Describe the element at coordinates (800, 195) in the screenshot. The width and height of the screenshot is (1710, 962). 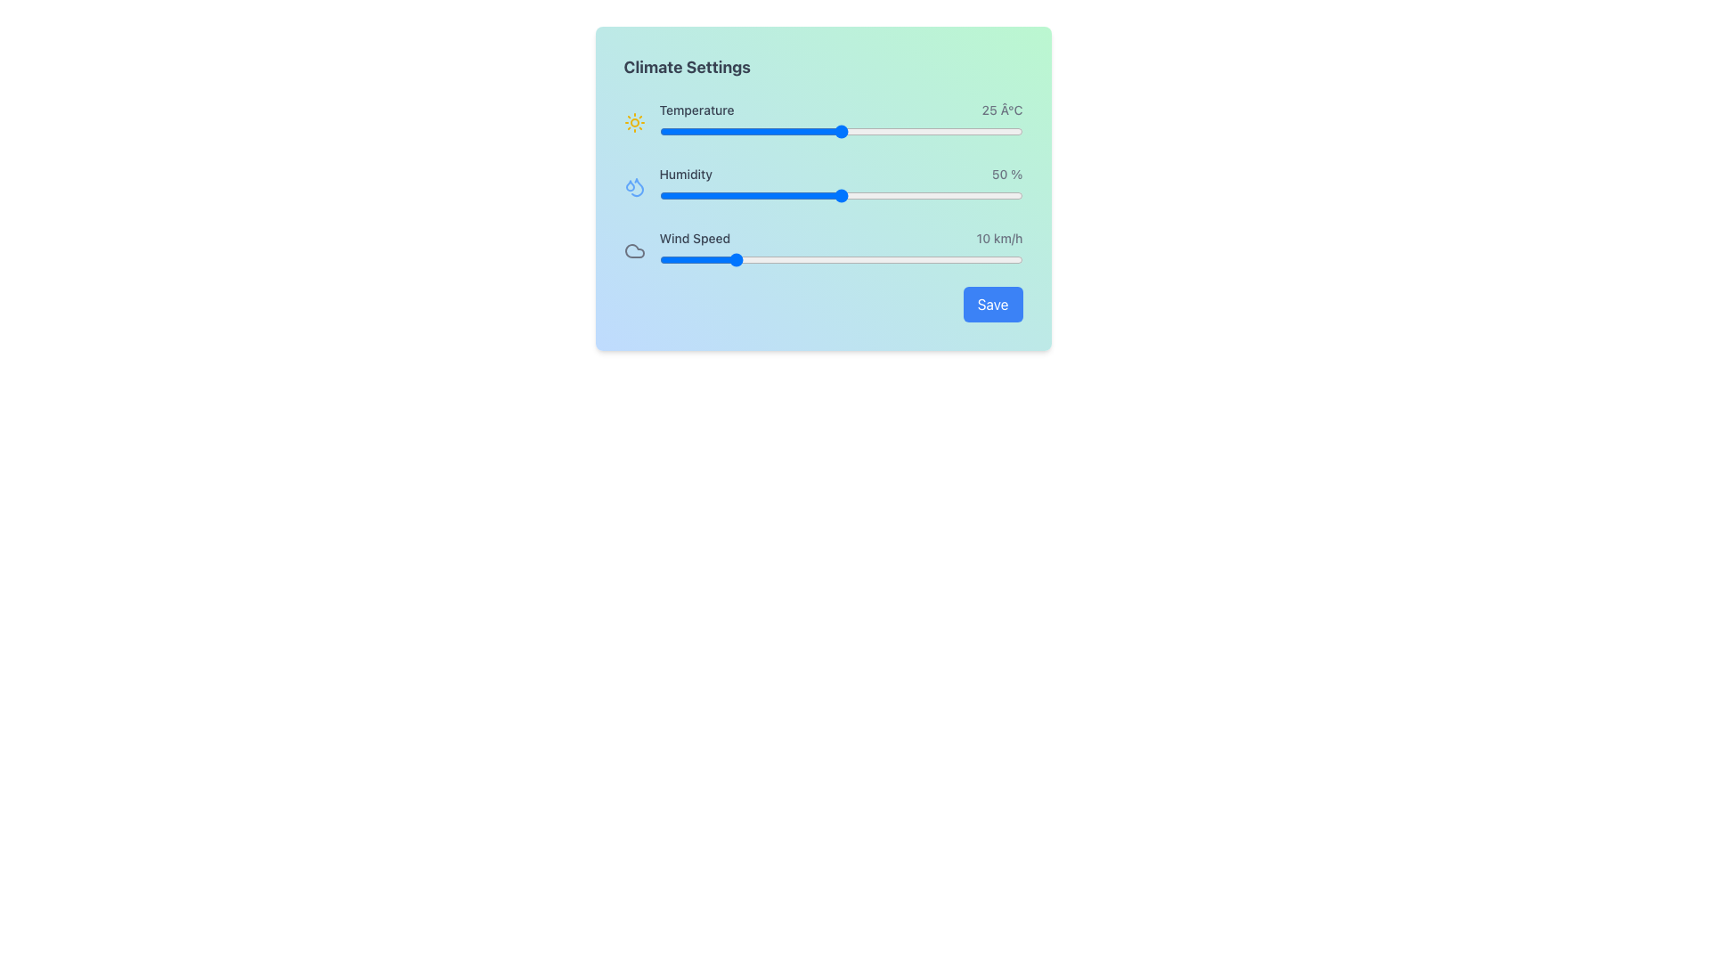
I see `humidity` at that location.